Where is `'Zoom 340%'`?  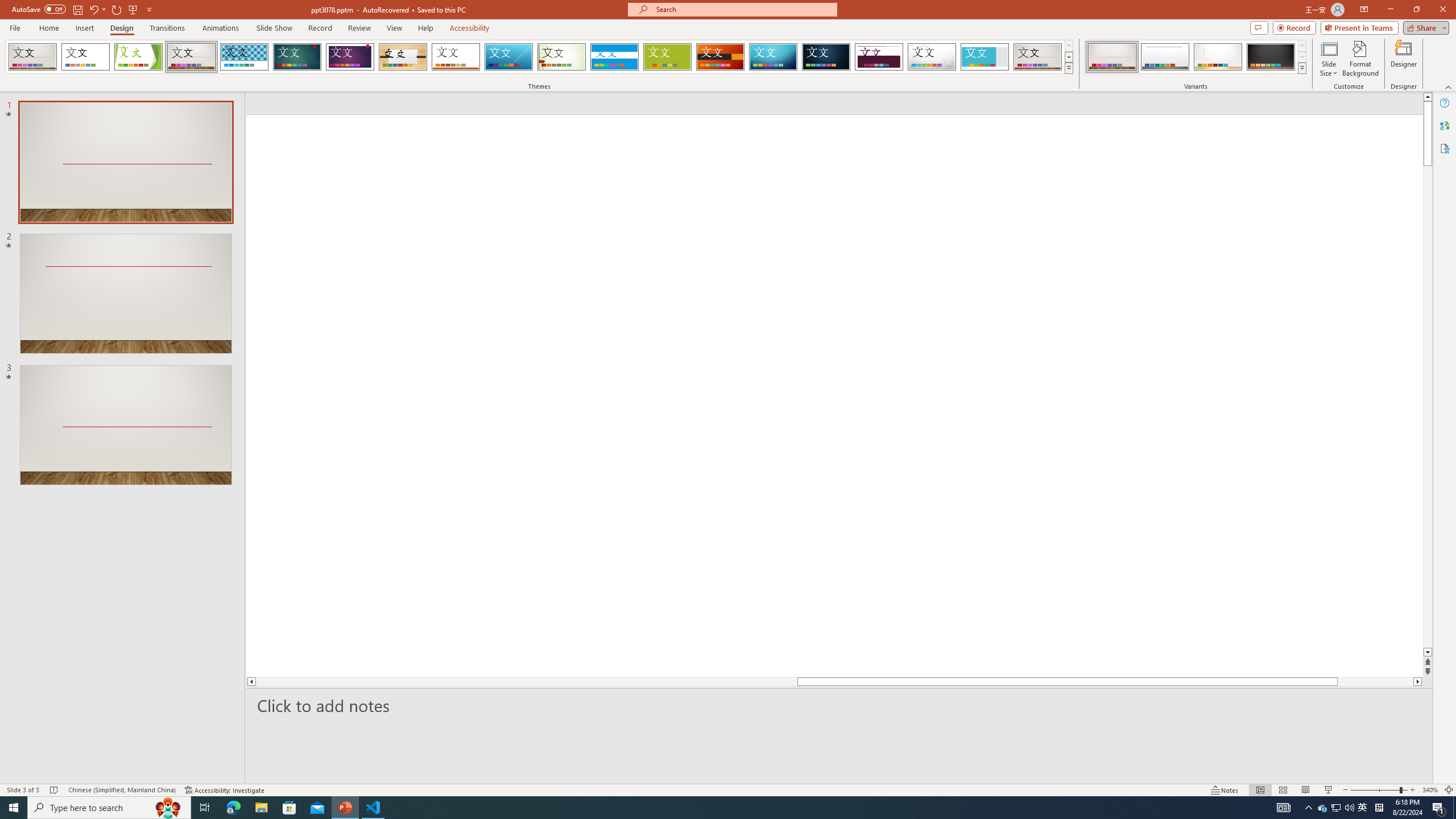 'Zoom 340%' is located at coordinates (1430, 790).